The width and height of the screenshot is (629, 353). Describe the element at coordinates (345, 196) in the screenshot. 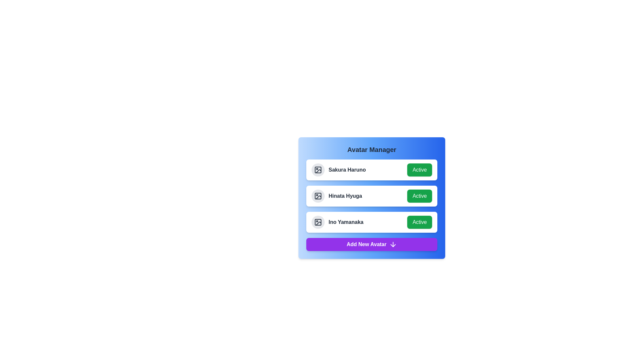

I see `the text label for user profile 'Hinata Hyuga,' which is the second item in the vertical list of user entries, located between the avatar and the green 'Active' button` at that location.